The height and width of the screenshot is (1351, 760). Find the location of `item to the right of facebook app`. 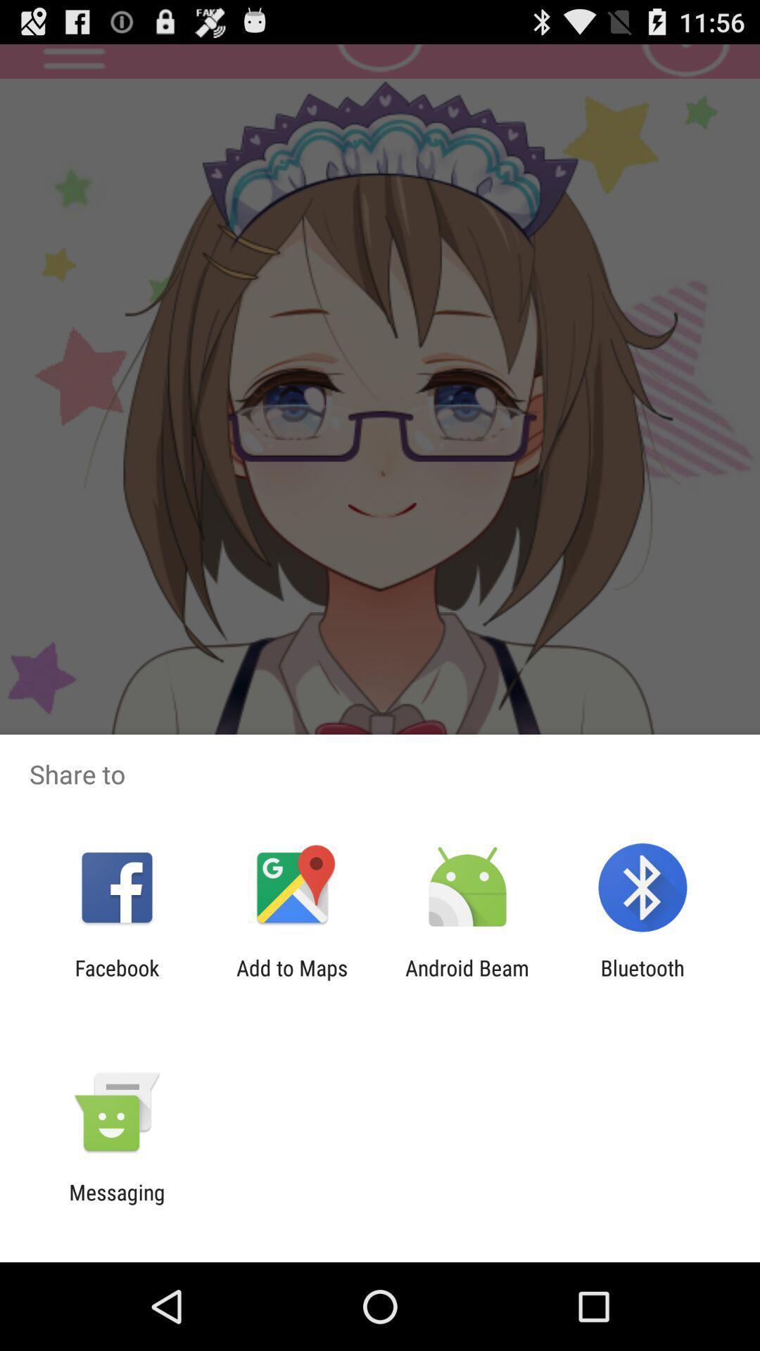

item to the right of facebook app is located at coordinates (291, 979).